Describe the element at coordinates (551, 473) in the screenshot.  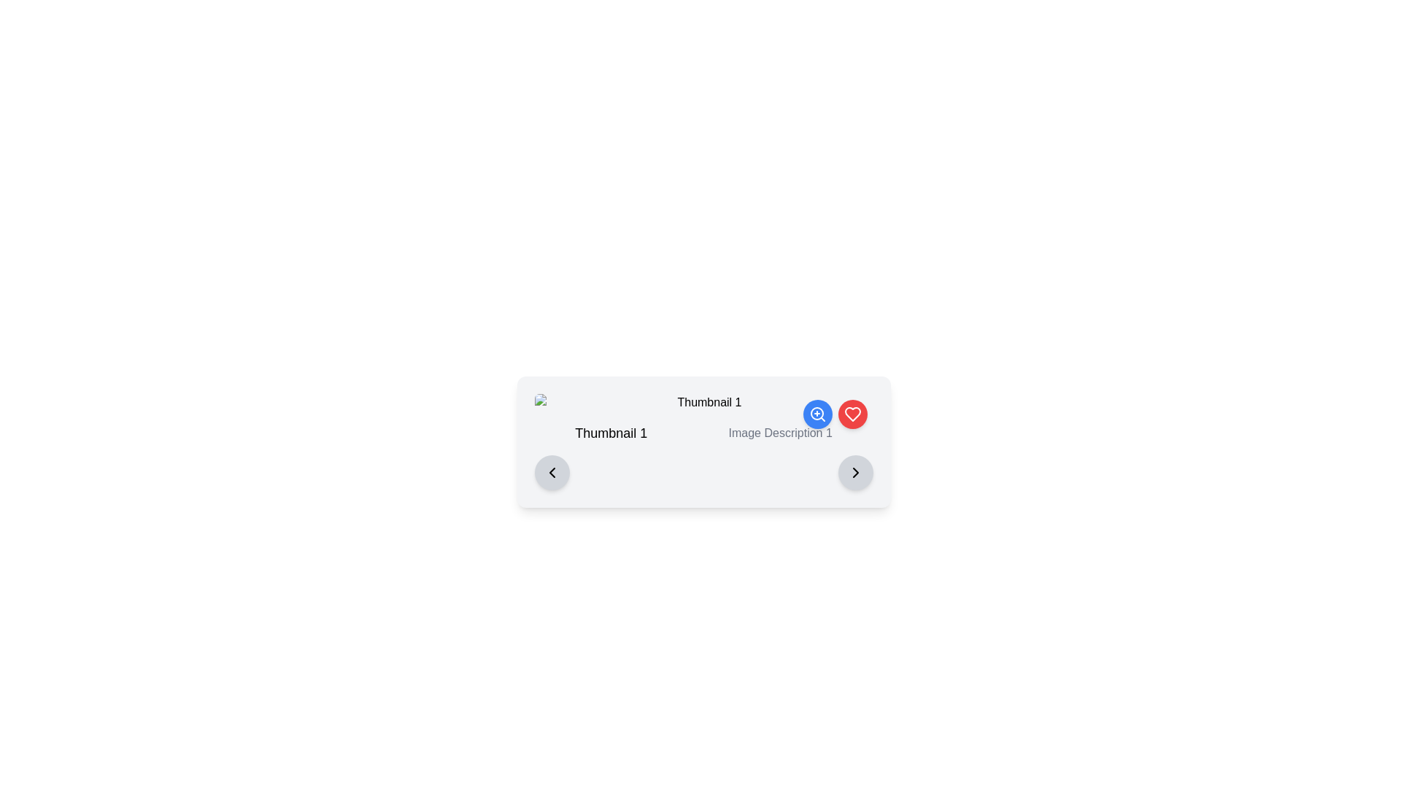
I see `the leftmost button in the navigation panel to initiate a navigation action` at that location.